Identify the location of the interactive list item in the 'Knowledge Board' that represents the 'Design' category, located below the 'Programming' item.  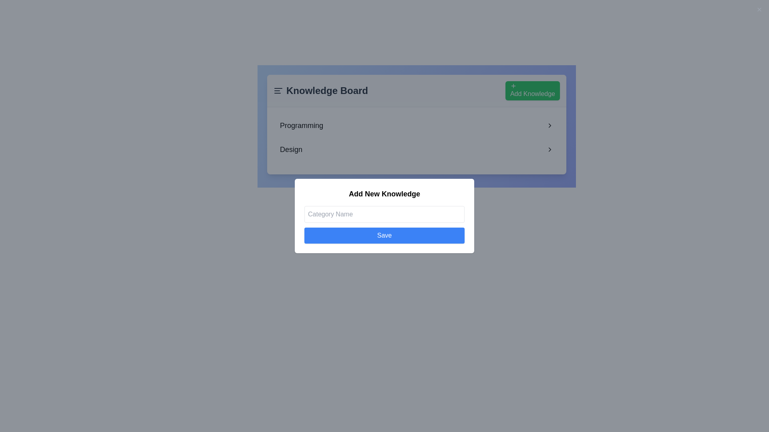
(417, 150).